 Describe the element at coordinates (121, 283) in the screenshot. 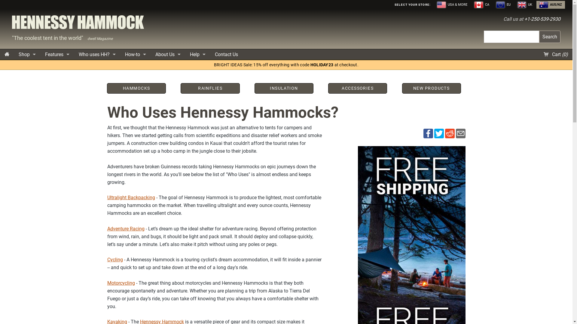

I see `'Motorcycling'` at that location.